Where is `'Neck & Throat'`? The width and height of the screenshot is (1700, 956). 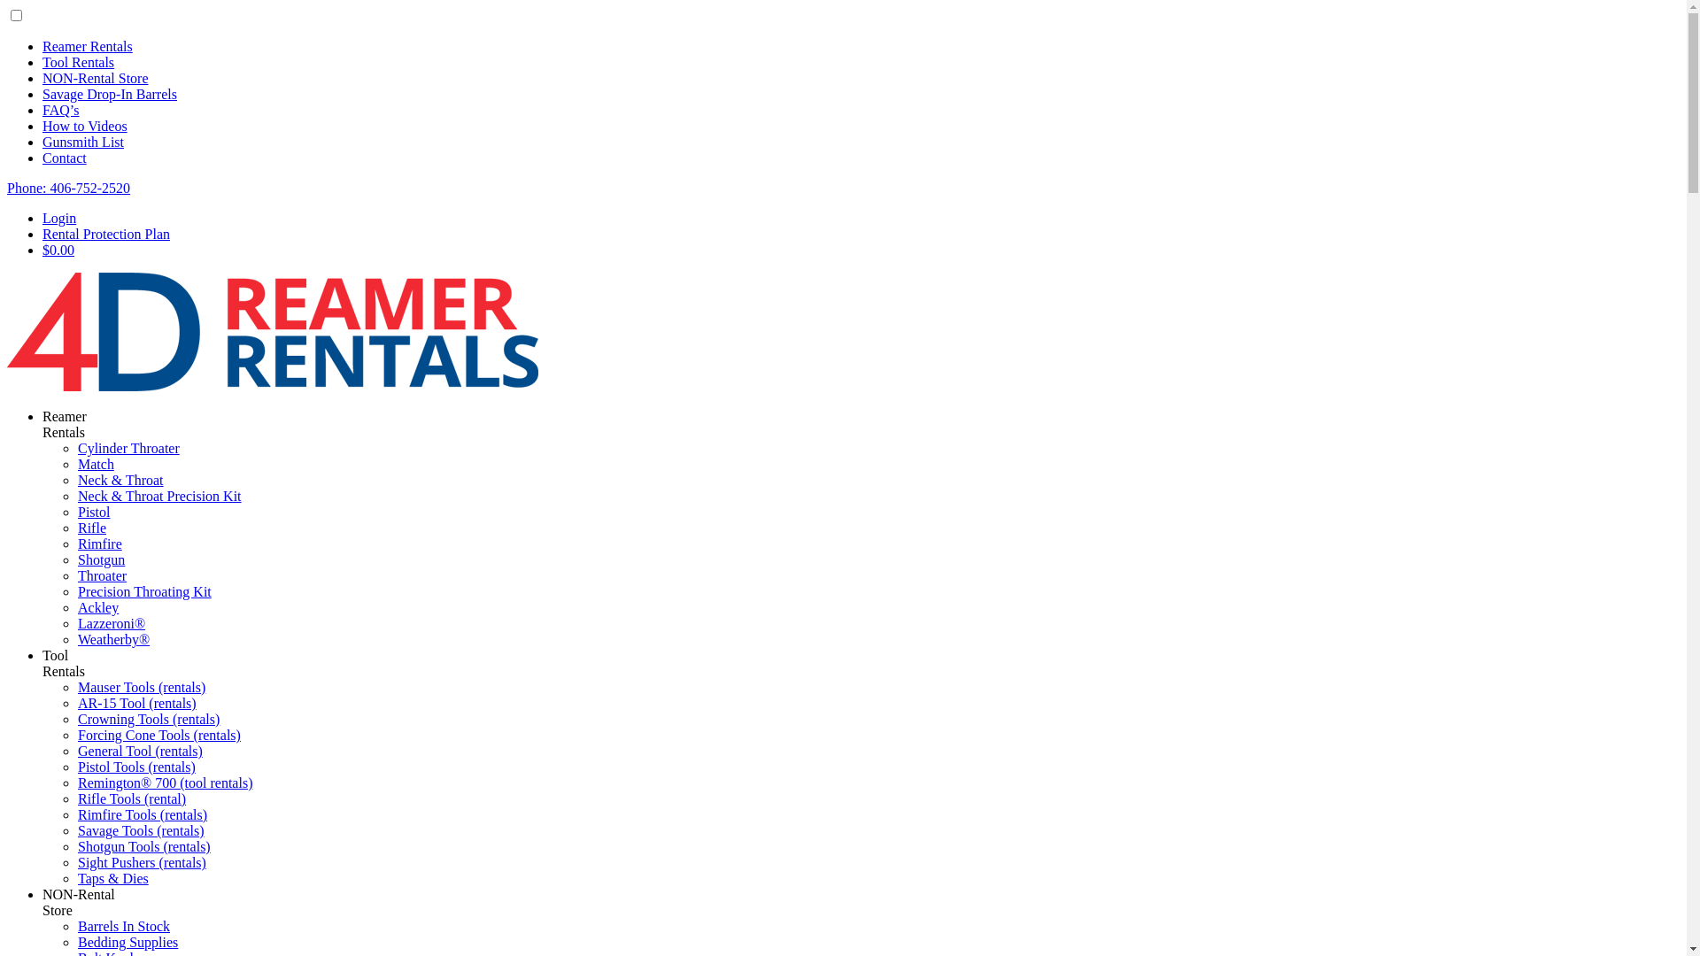 'Neck & Throat' is located at coordinates (120, 480).